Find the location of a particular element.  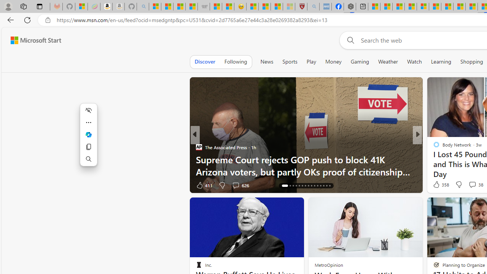

'View comments 64 Comment' is located at coordinates (469, 185).